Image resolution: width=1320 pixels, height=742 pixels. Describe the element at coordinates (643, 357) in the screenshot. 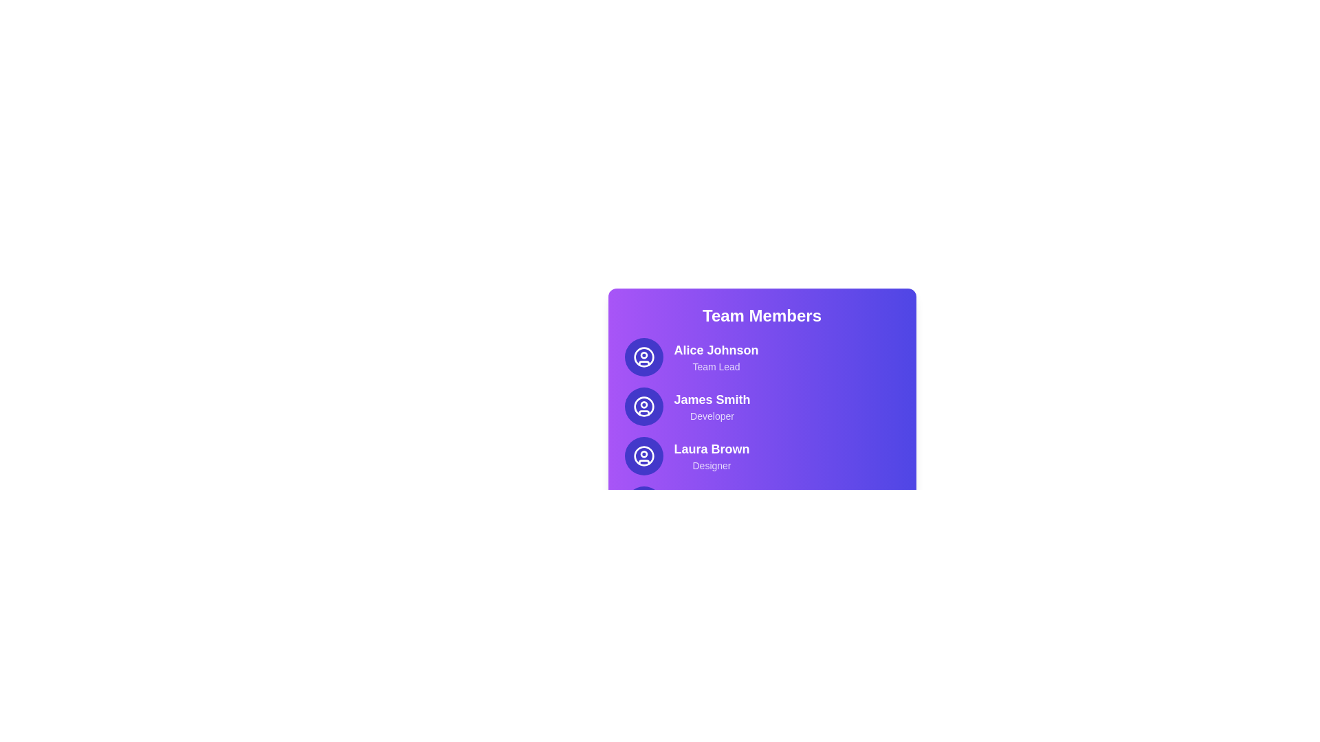

I see `the decorative avatar placeholder icon representing the user named 'Alice Johnson', located to the left of the text label in the 'Team Members' section` at that location.